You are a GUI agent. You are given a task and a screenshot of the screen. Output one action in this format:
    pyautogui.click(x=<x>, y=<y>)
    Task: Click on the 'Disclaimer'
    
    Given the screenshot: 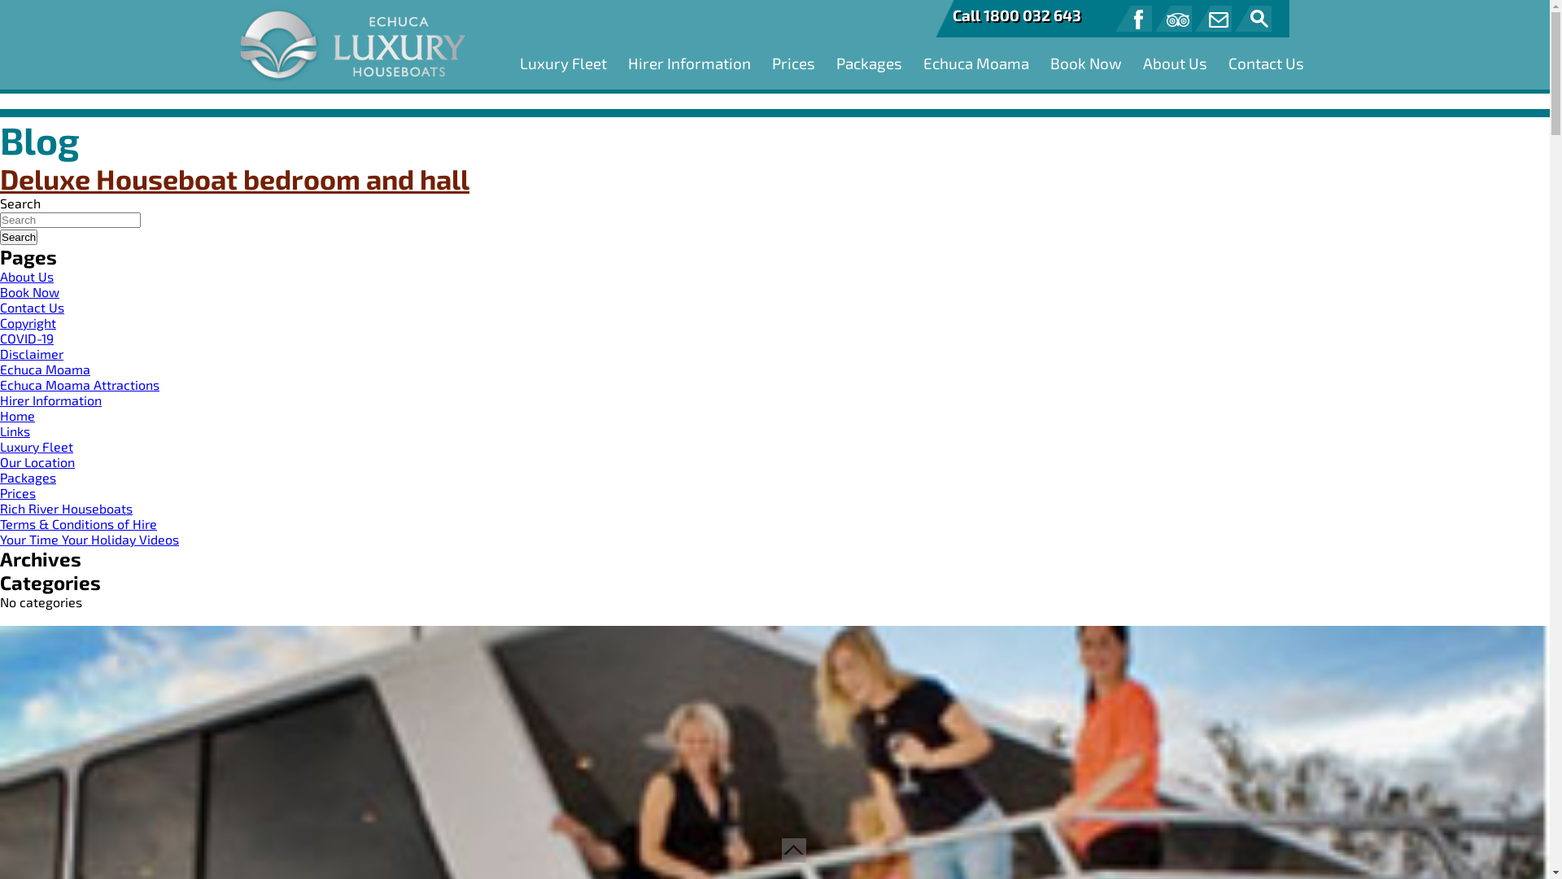 What is the action you would take?
    pyautogui.click(x=31, y=352)
    